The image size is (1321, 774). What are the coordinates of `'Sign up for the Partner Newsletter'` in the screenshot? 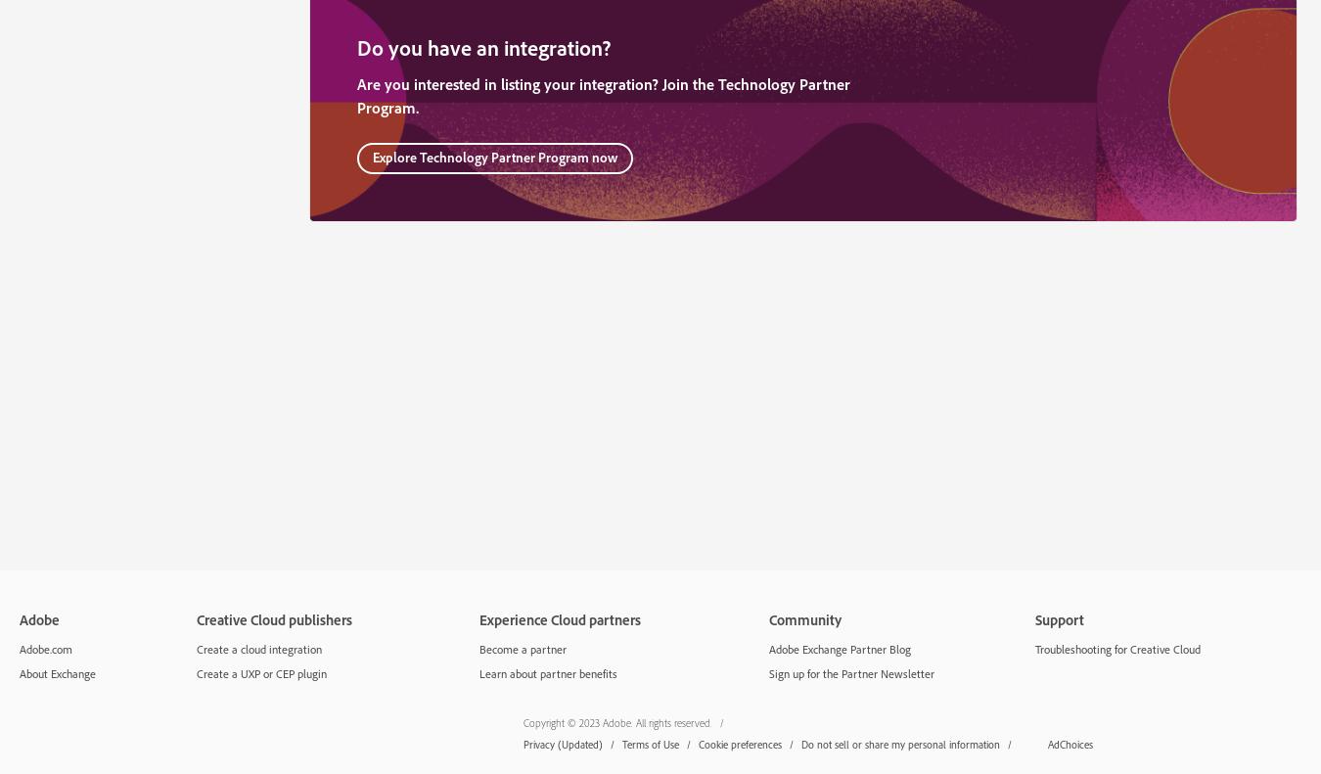 It's located at (850, 671).